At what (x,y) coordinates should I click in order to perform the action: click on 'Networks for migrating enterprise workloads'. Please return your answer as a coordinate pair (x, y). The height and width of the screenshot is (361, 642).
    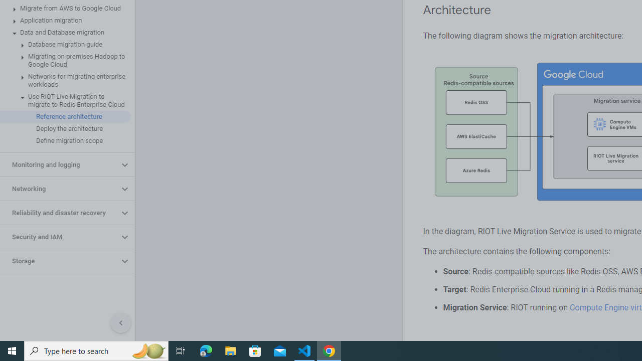
    Looking at the image, I should click on (65, 80).